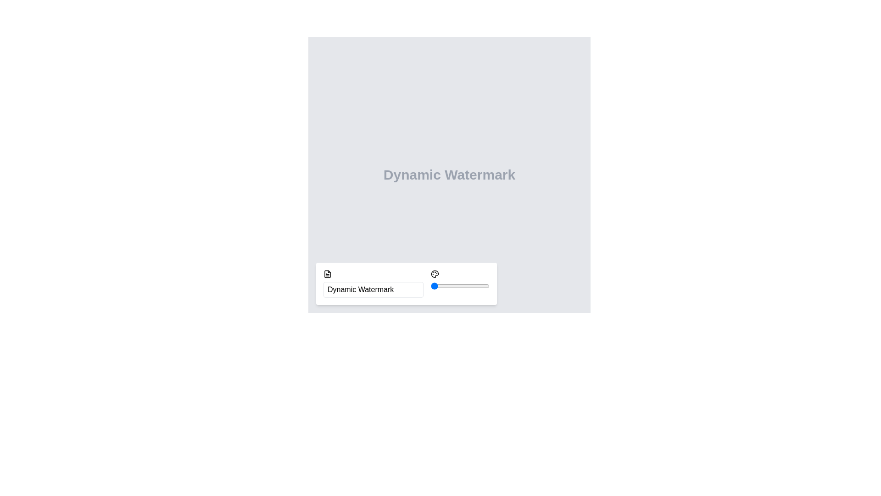  I want to click on rotation angle, so click(479, 286).